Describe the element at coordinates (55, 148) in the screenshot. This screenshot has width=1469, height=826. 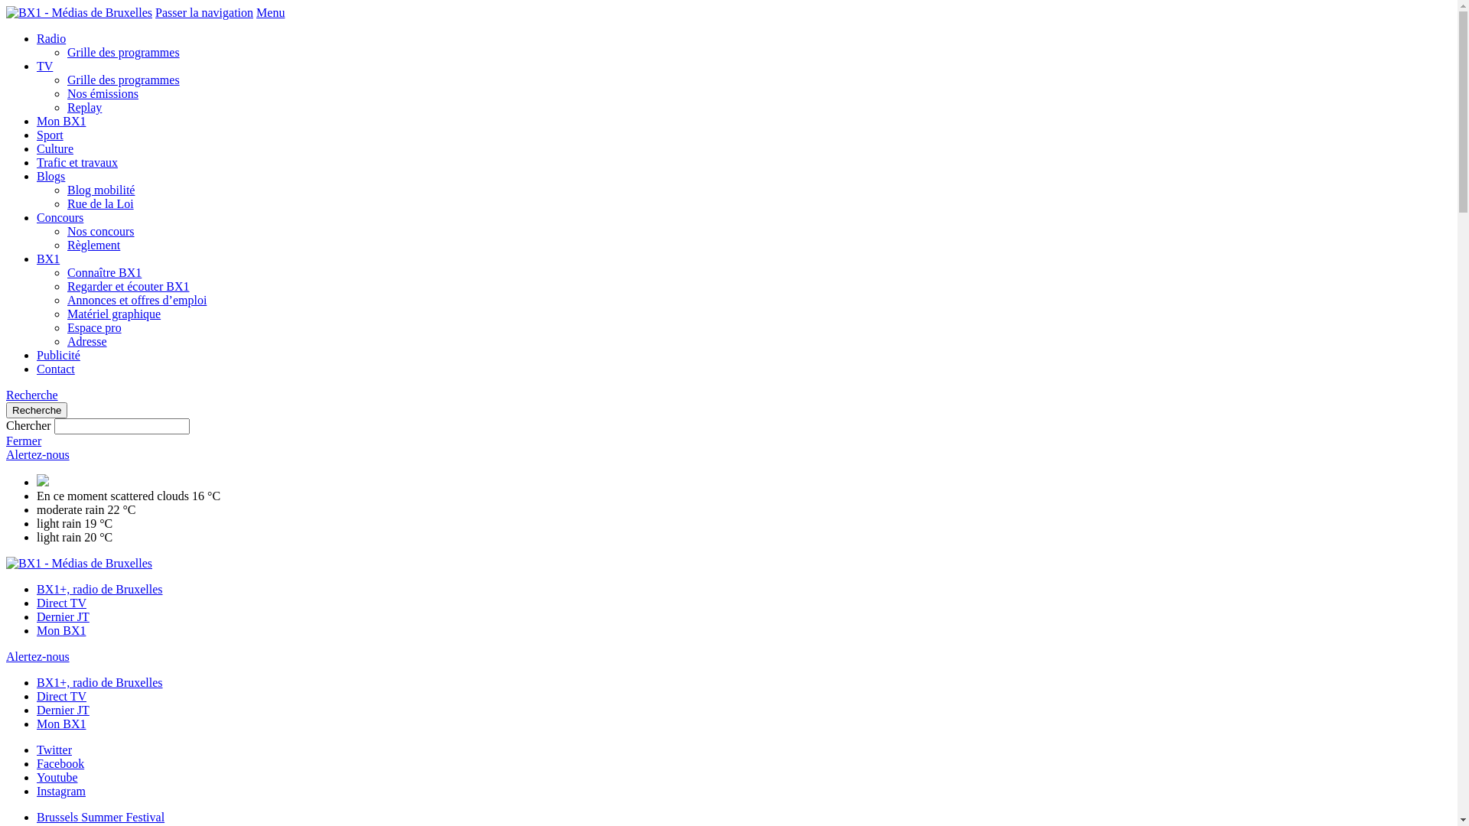
I see `'Culture'` at that location.